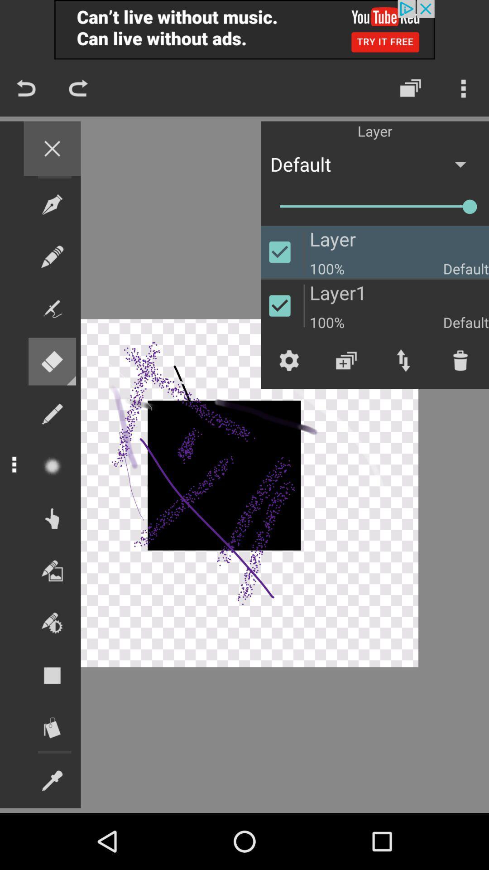  Describe the element at coordinates (78, 88) in the screenshot. I see `the redo icon` at that location.